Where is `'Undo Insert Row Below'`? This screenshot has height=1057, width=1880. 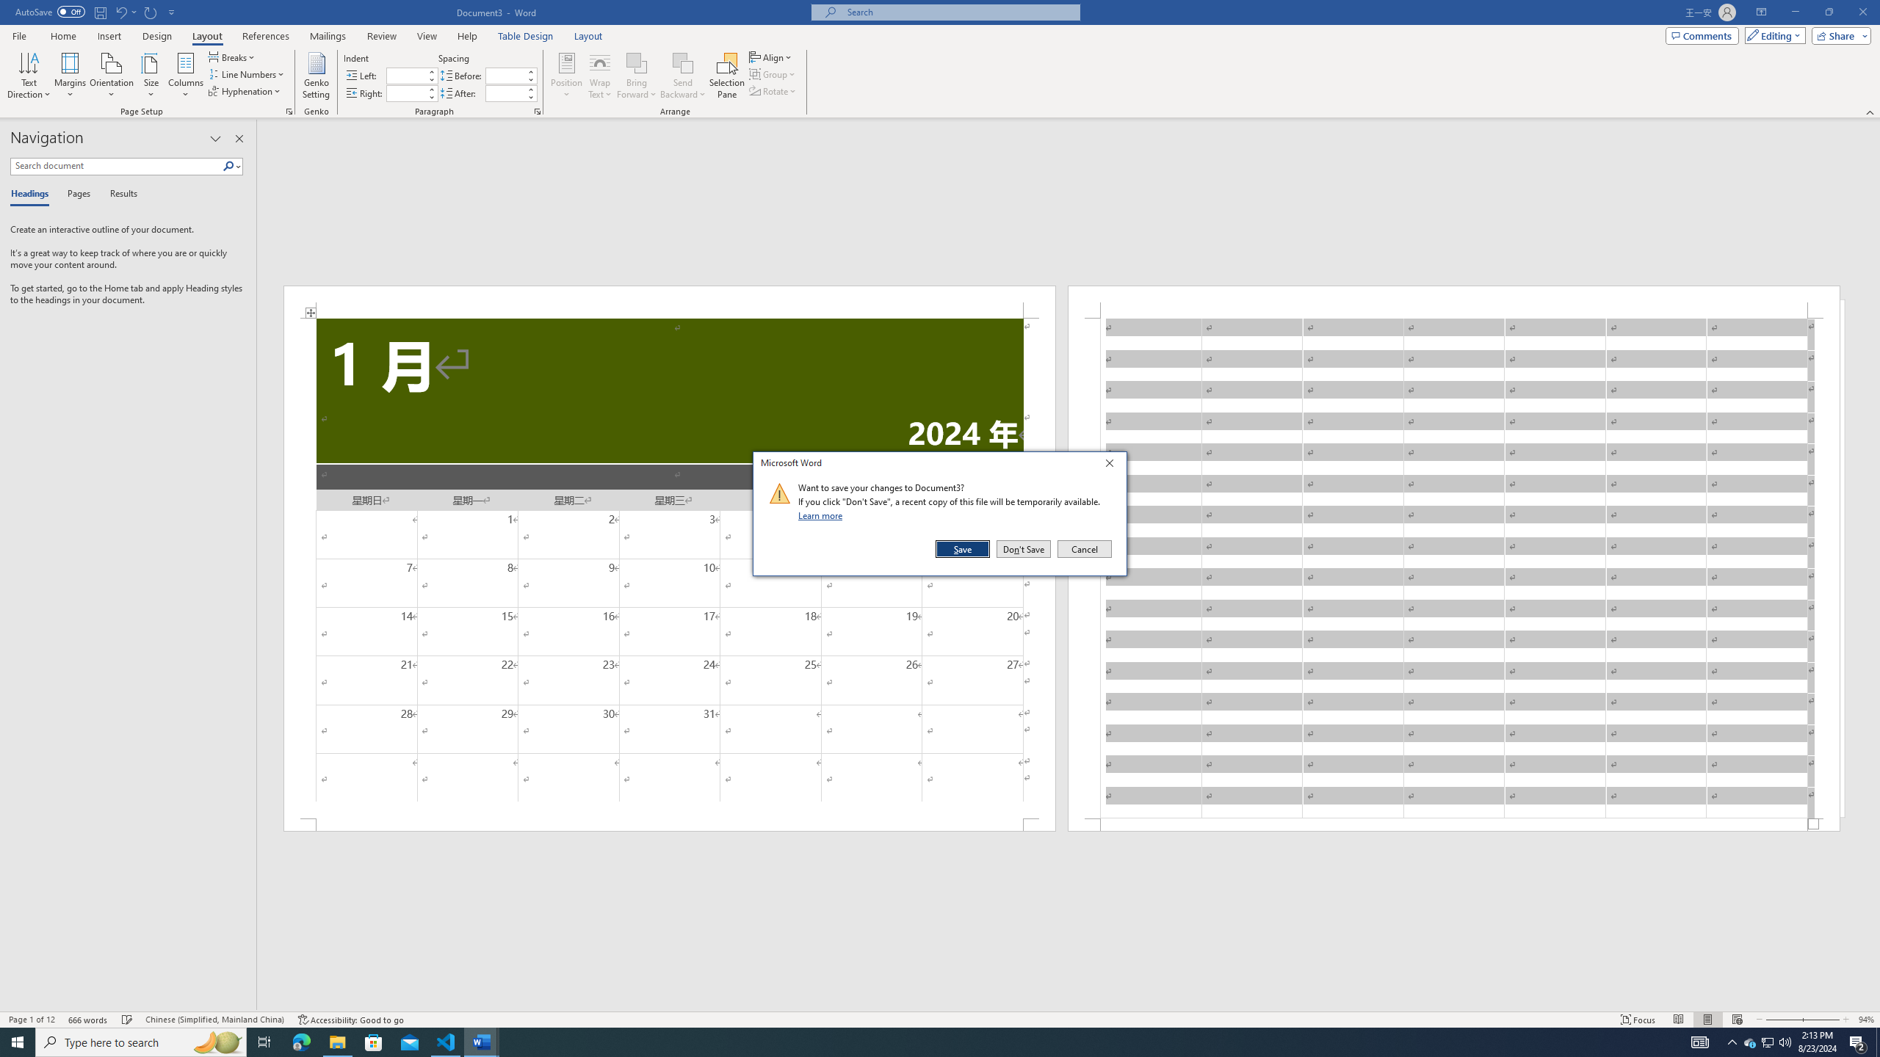 'Undo Insert Row Below' is located at coordinates (125, 11).